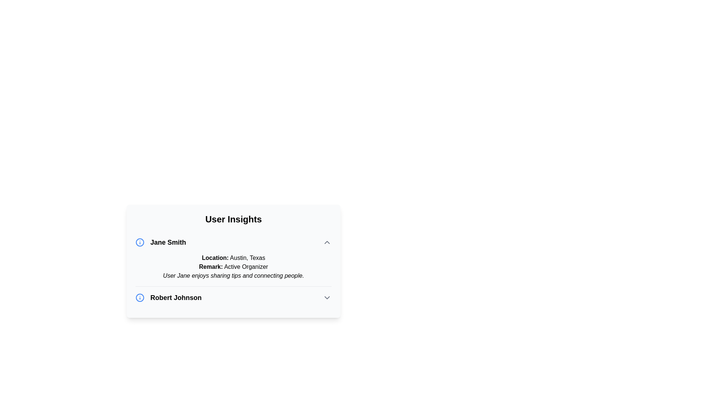 The image size is (713, 401). What do you see at coordinates (167, 242) in the screenshot?
I see `text label displaying 'Jane Smith', which is positioned to the right of the information icon in the 'User Insights' panel` at bounding box center [167, 242].